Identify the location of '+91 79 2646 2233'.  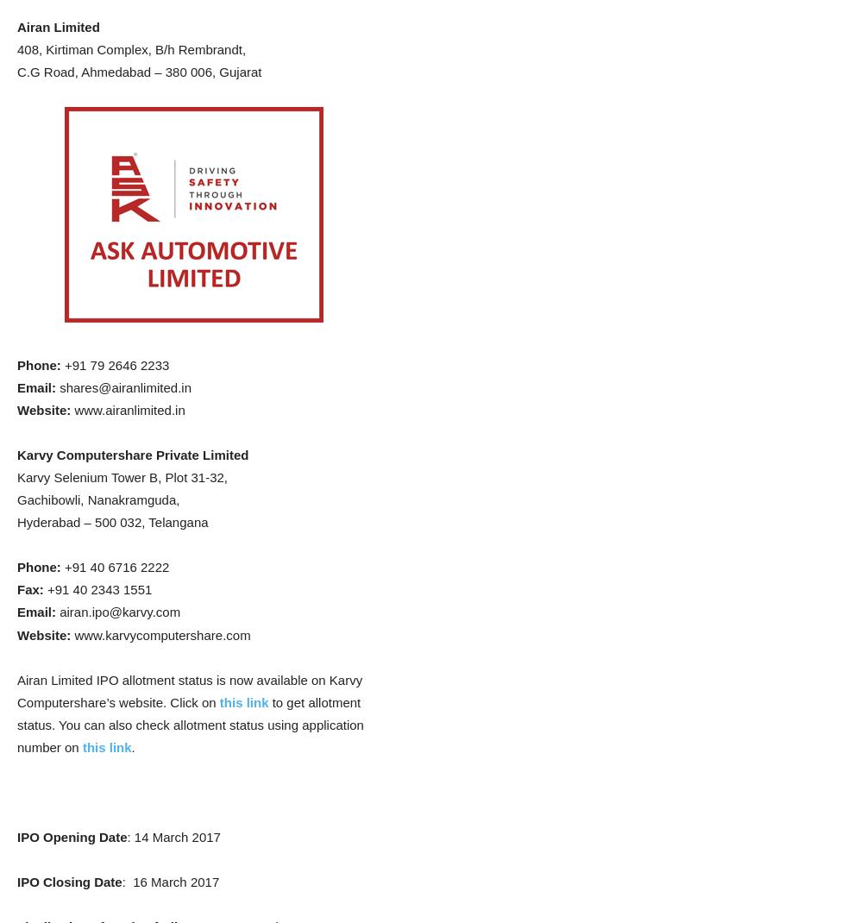
(113, 363).